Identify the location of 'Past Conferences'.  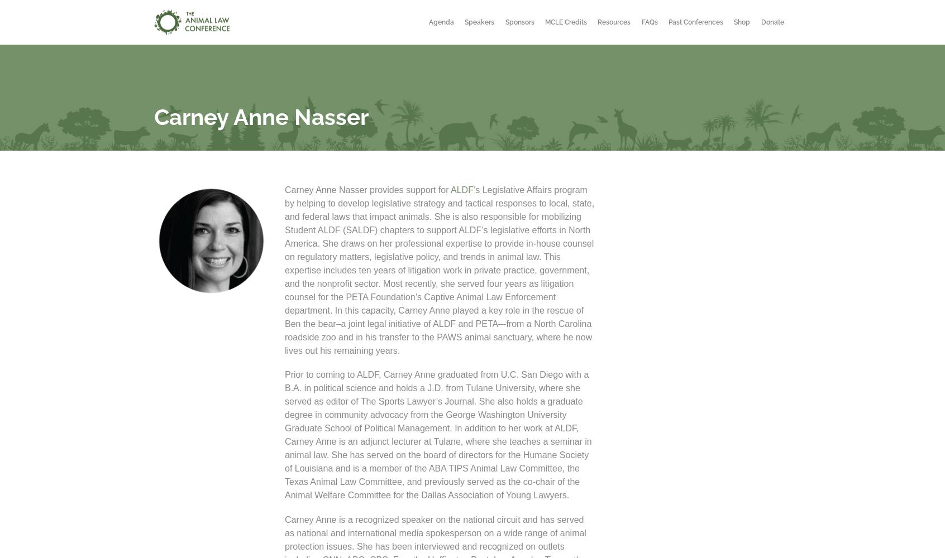
(667, 22).